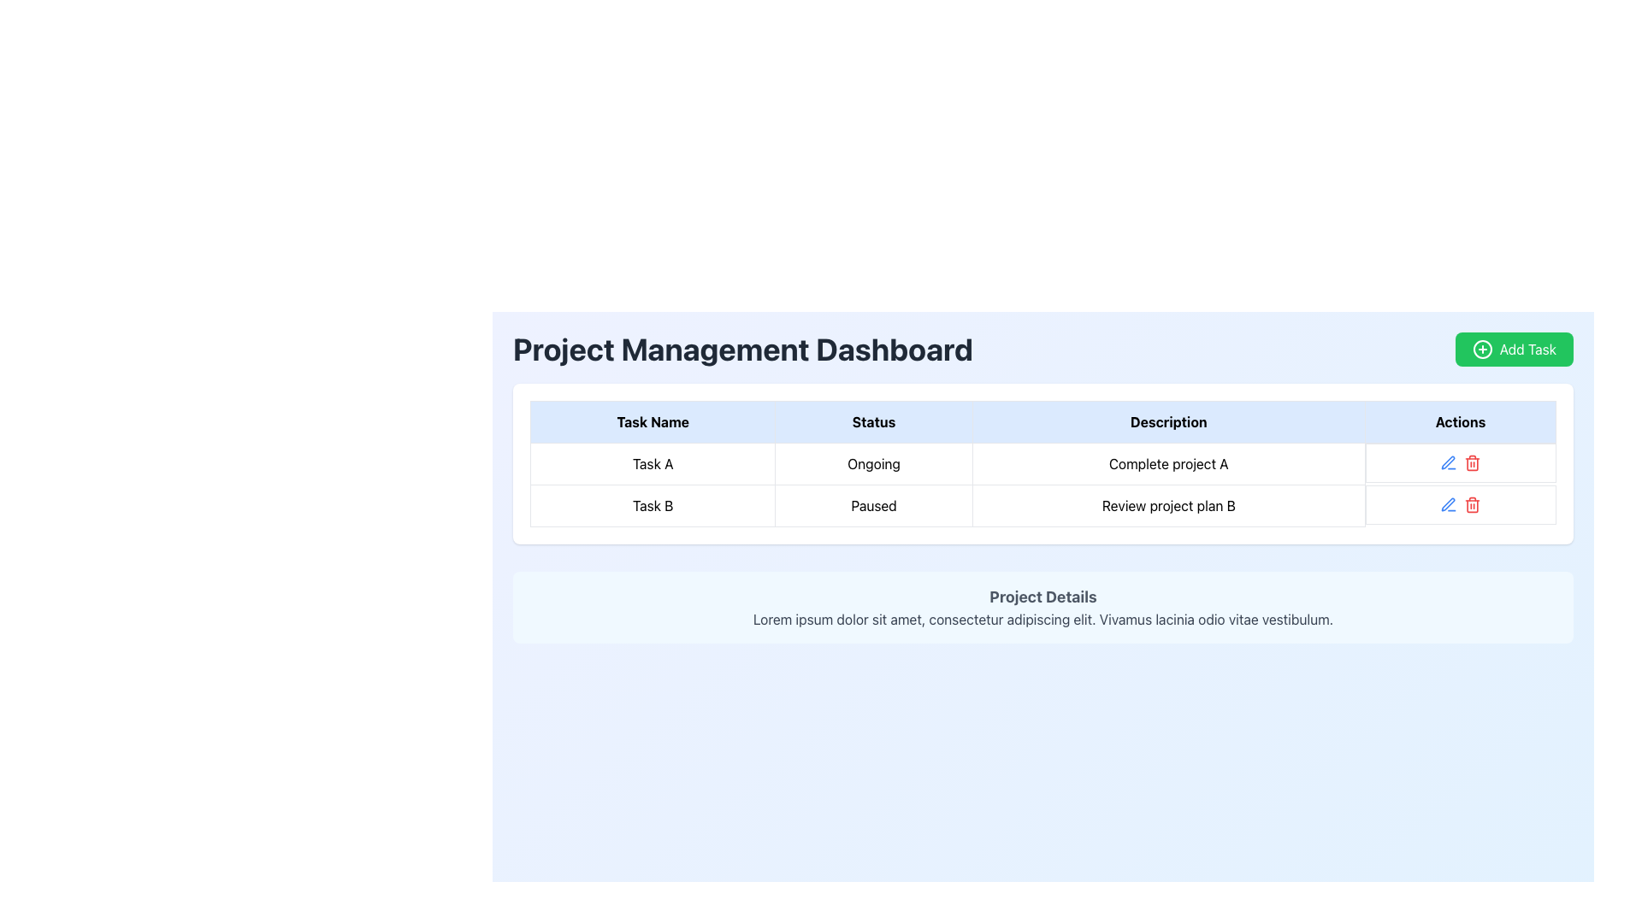 The width and height of the screenshot is (1642, 923). What do you see at coordinates (1167, 504) in the screenshot?
I see `text from the text label that describes the task in the third cell under the 'Description' column for 'Task B'` at bounding box center [1167, 504].